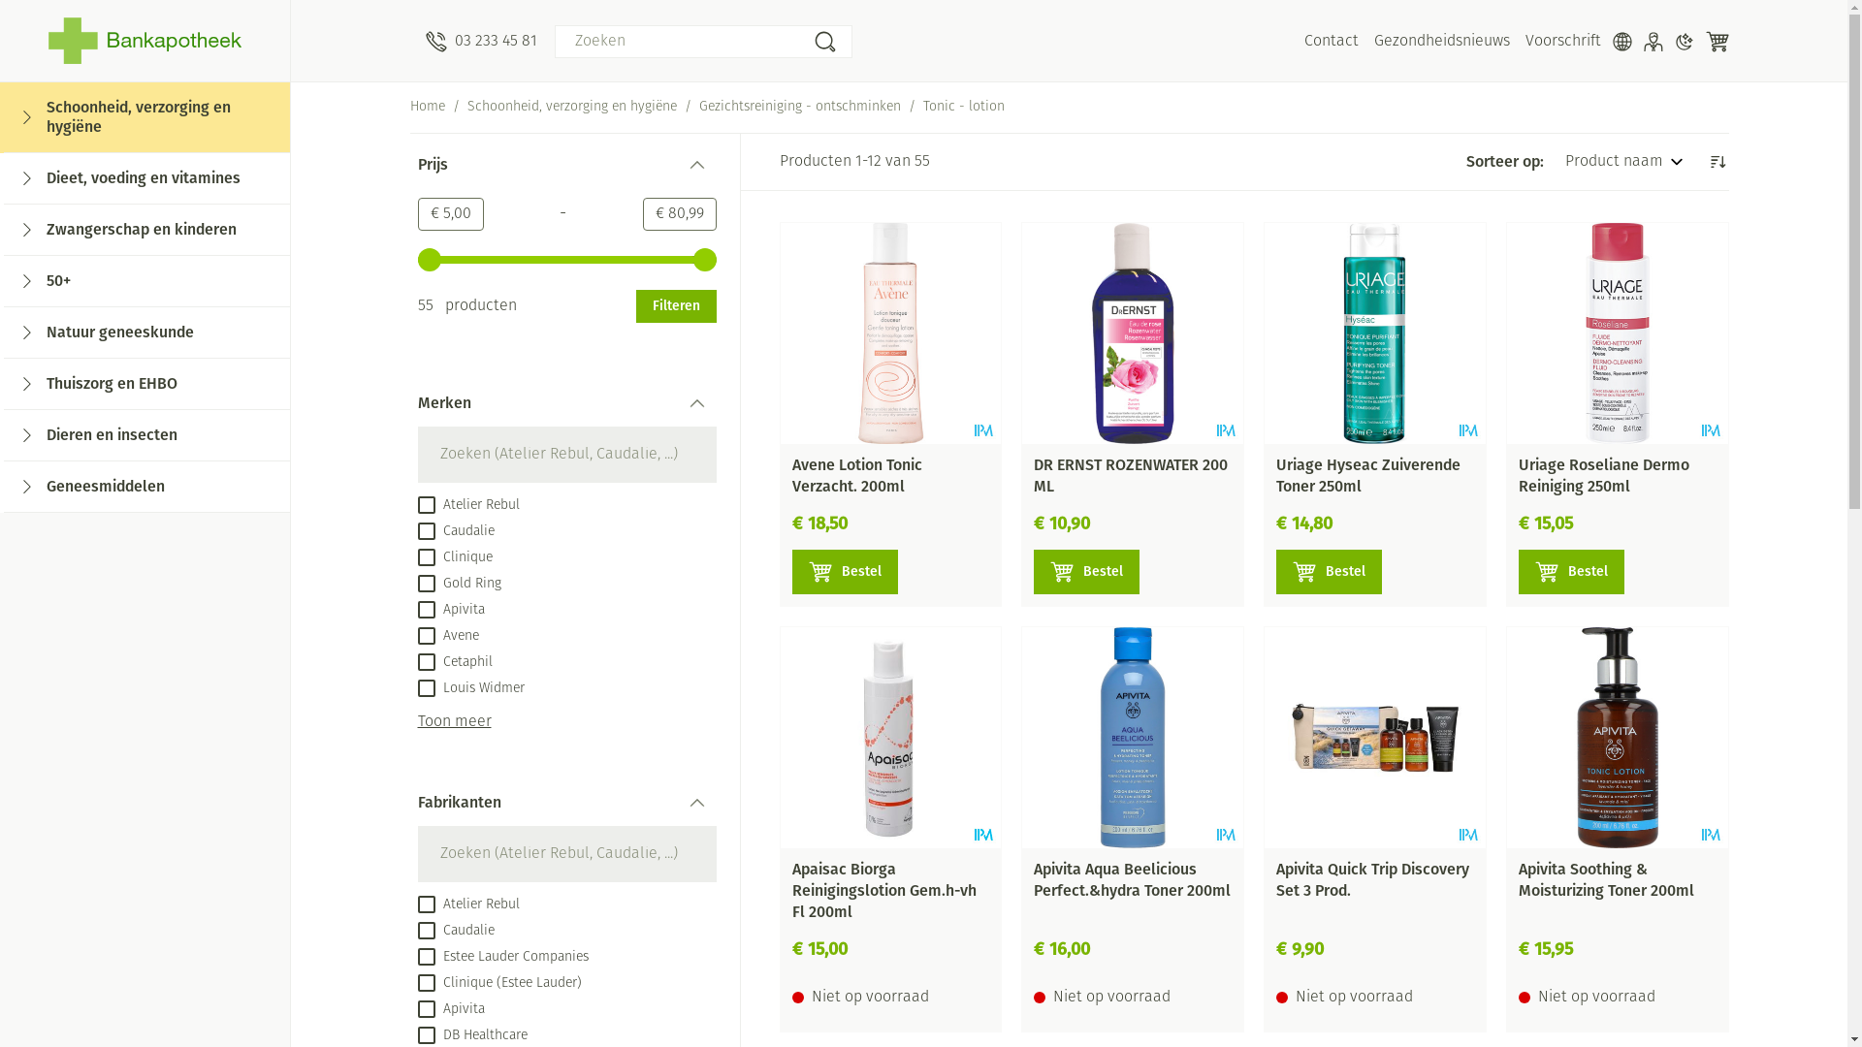  What do you see at coordinates (855, 475) in the screenshot?
I see `'Avene Lotion Tonic Verzacht. 200ml'` at bounding box center [855, 475].